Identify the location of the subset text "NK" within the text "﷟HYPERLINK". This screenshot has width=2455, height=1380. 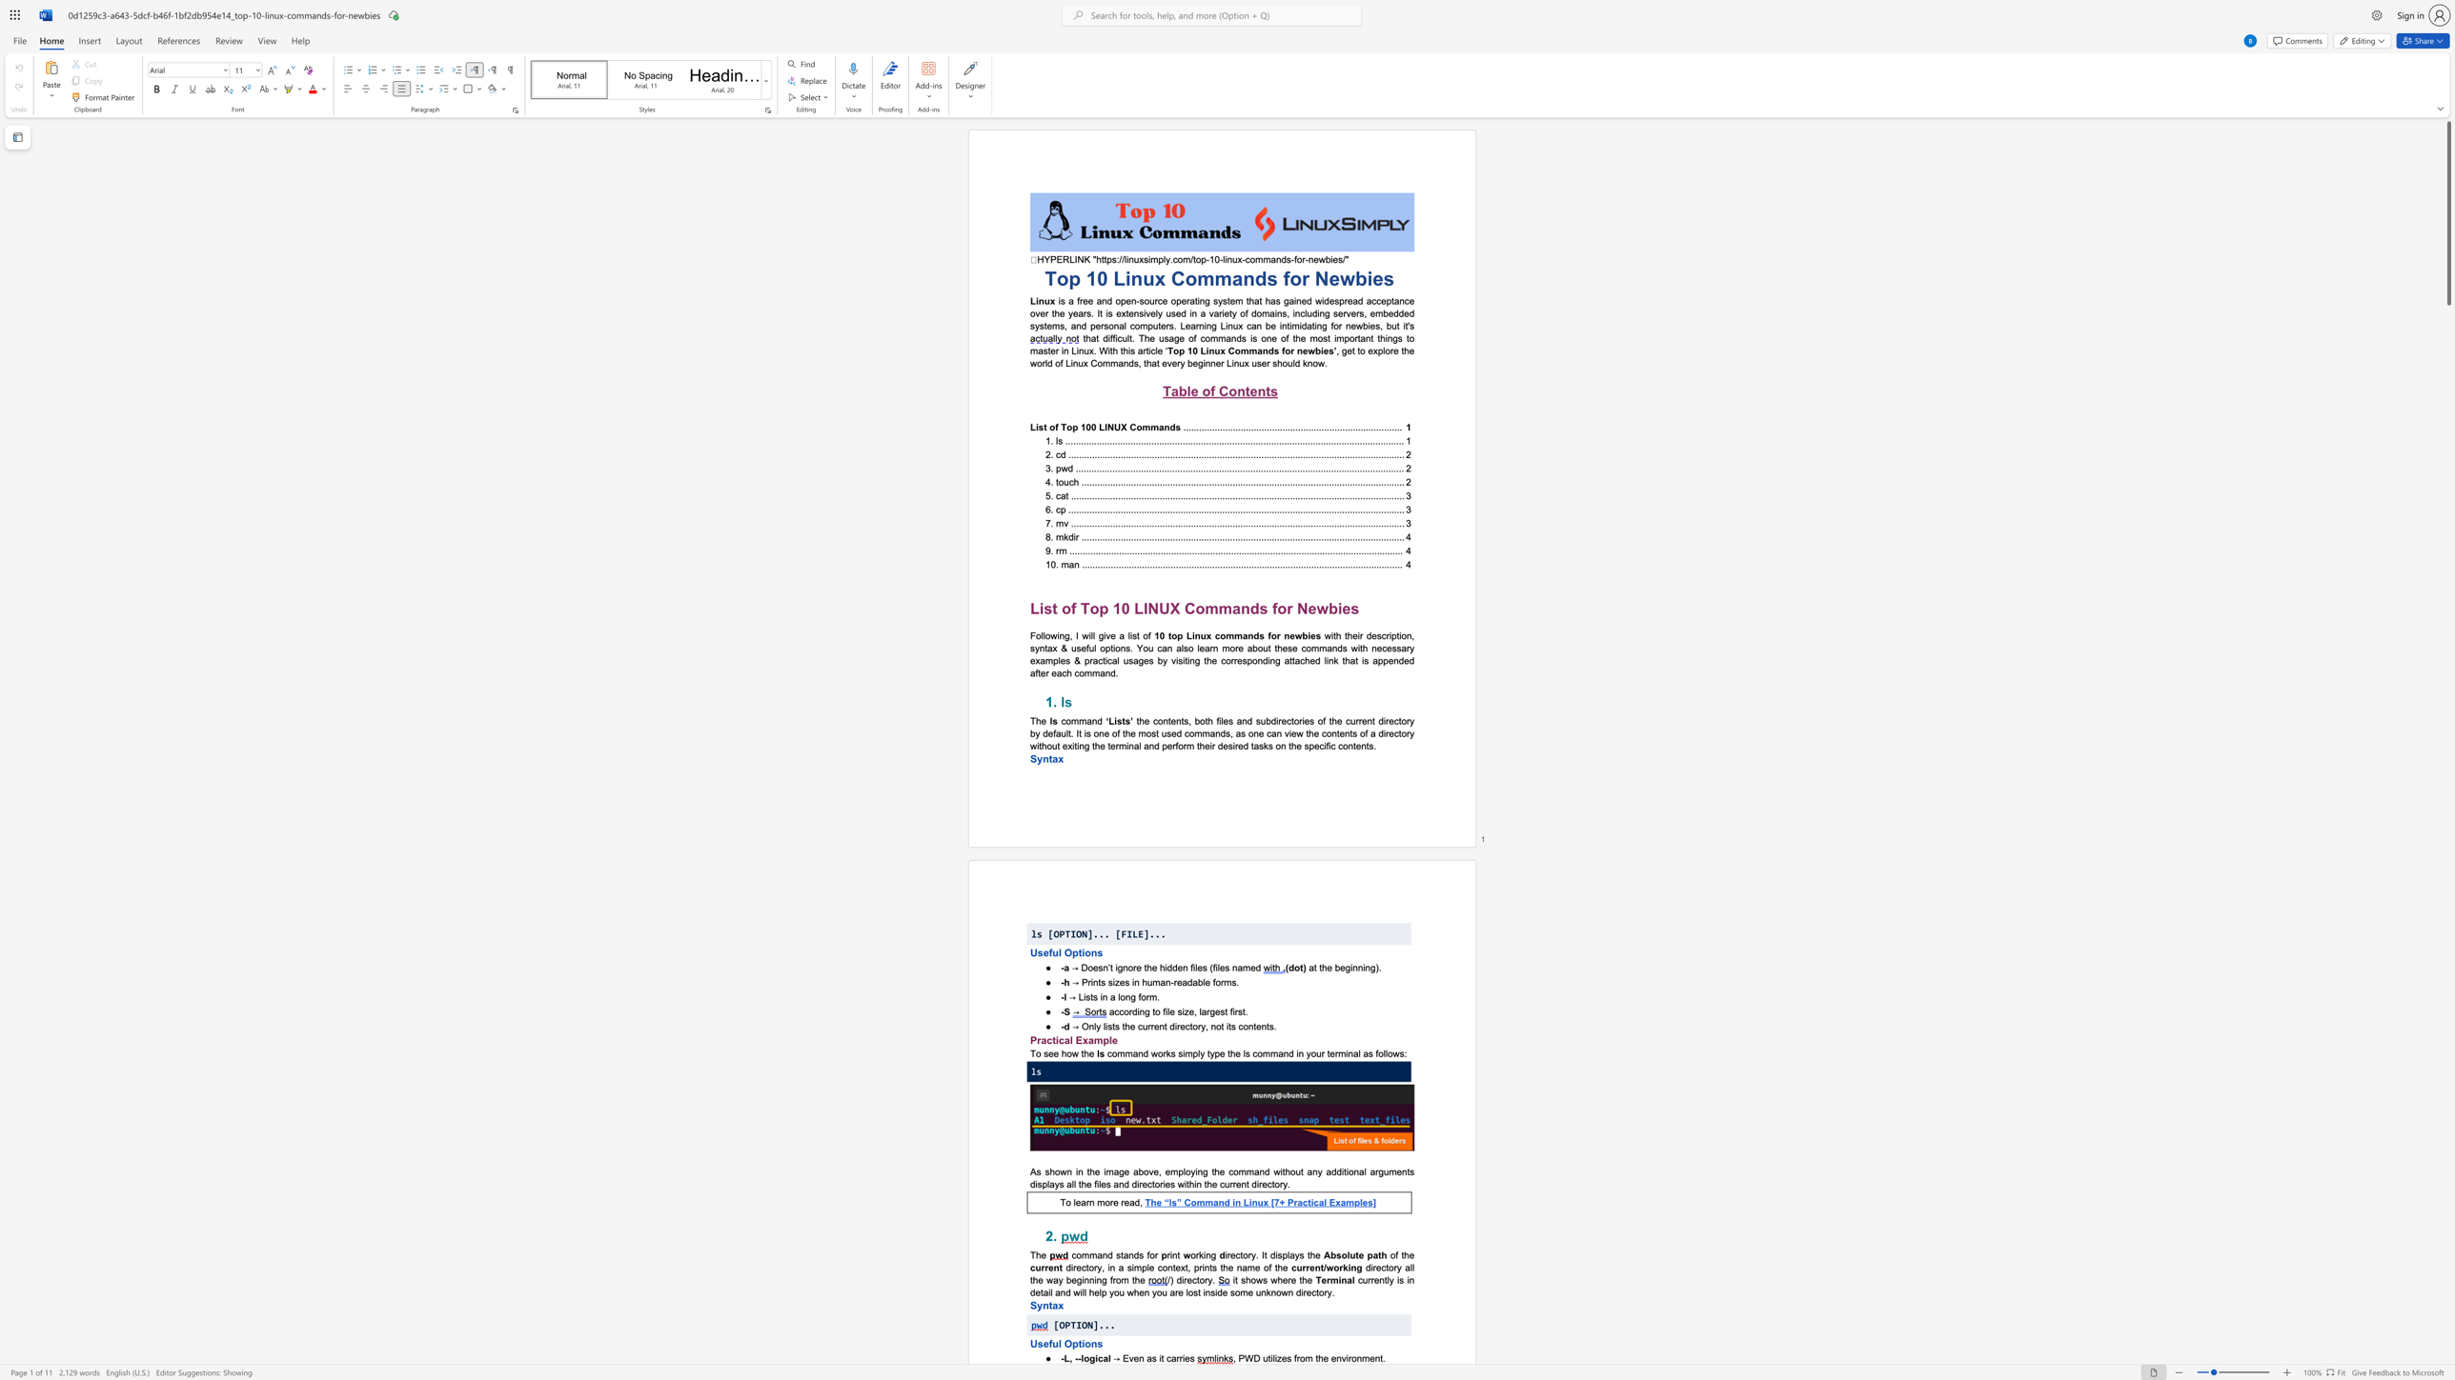
(1076, 258).